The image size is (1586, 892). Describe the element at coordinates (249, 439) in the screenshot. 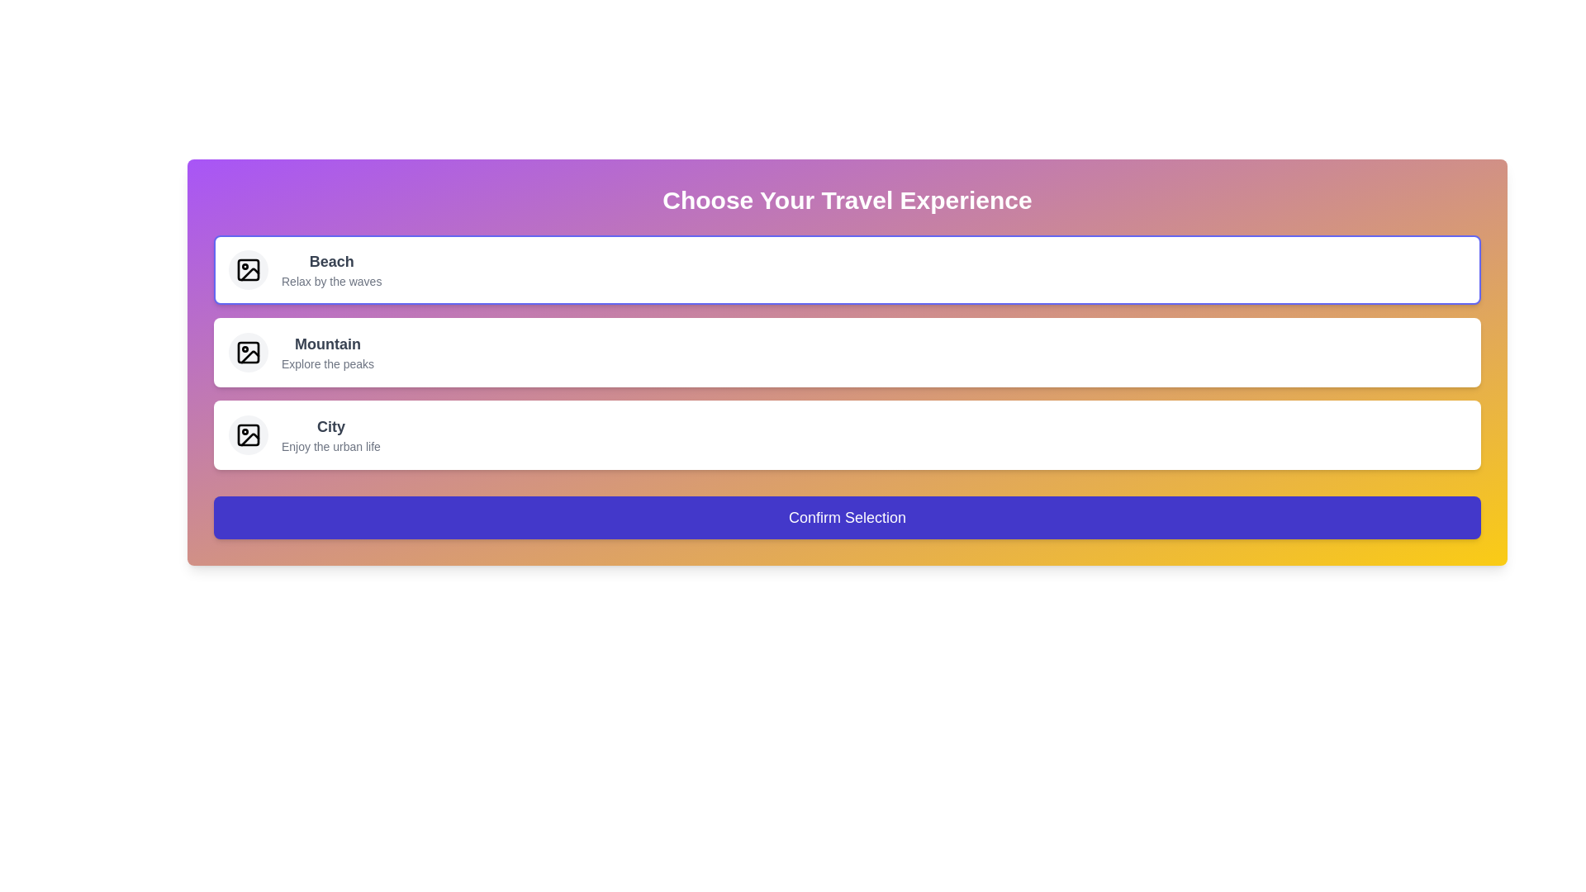

I see `the triangular marker icon, which is part of the 'City' option card labeled 'Enjoy the urban life', located on the left side of the text content at the bottom of the list` at that location.